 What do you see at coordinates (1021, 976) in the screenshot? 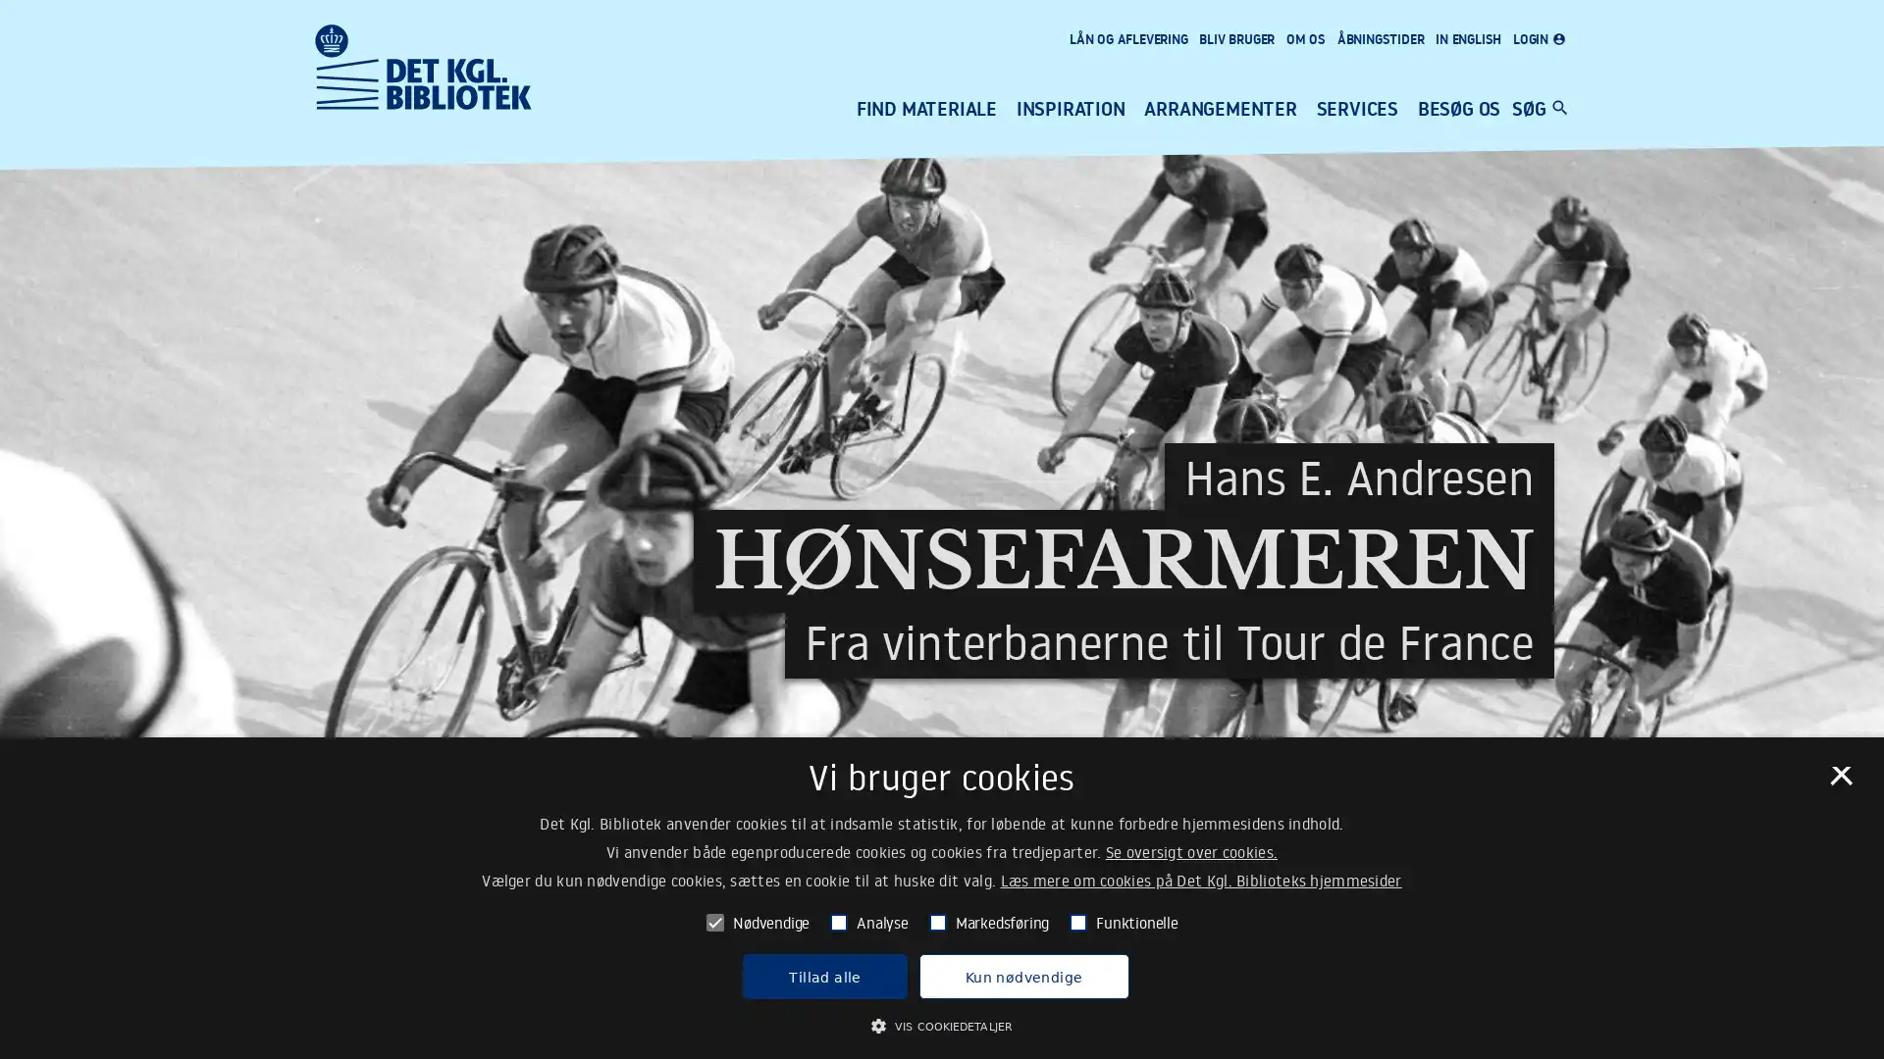
I see `Kun ndvendige` at bounding box center [1021, 976].